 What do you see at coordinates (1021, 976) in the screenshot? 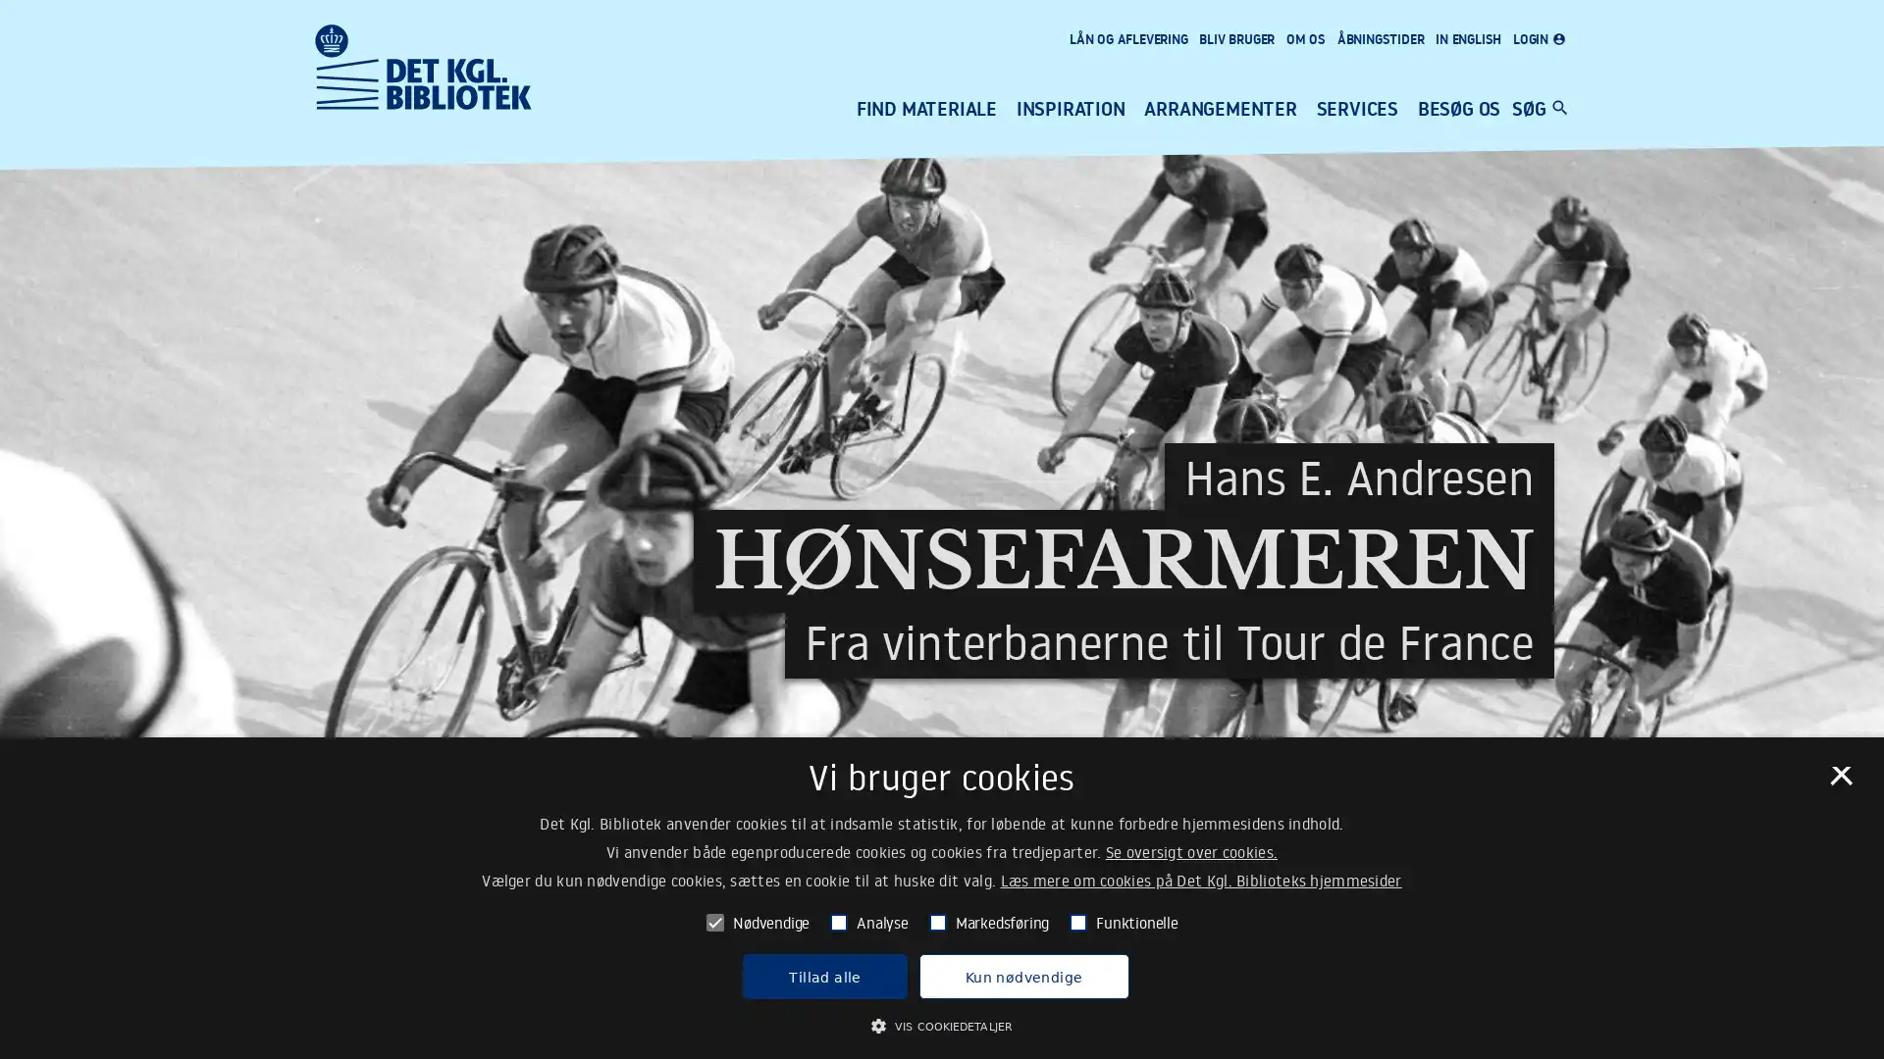
I see `Kun ndvendige` at bounding box center [1021, 976].